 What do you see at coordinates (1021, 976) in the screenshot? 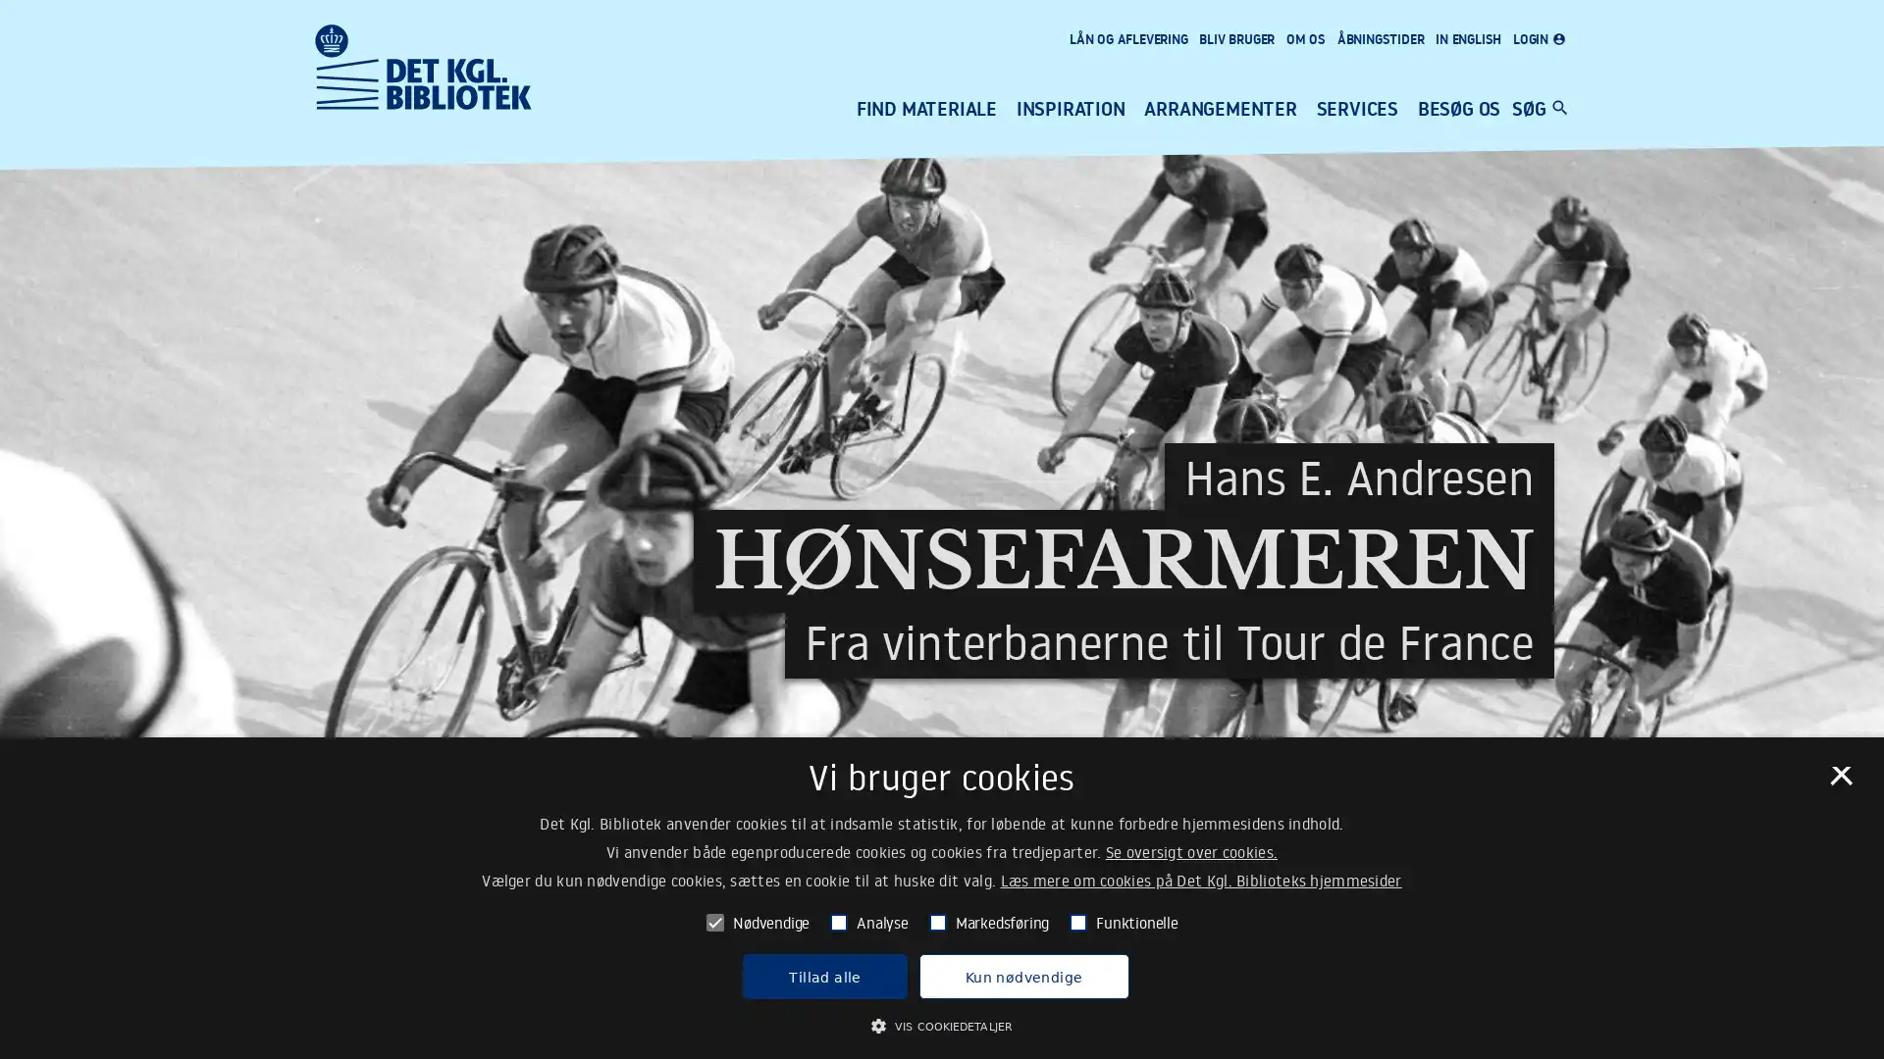
I see `Kun ndvendige` at bounding box center [1021, 976].